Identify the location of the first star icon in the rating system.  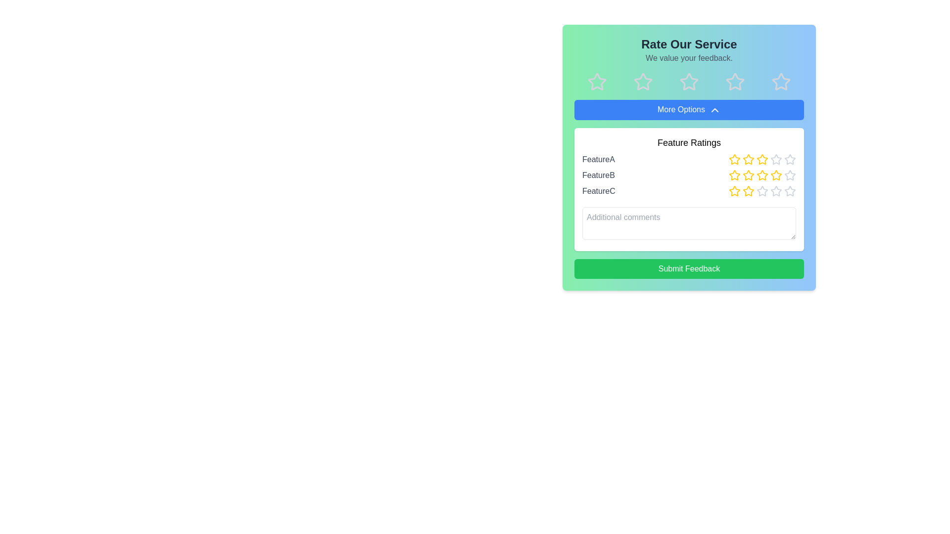
(597, 81).